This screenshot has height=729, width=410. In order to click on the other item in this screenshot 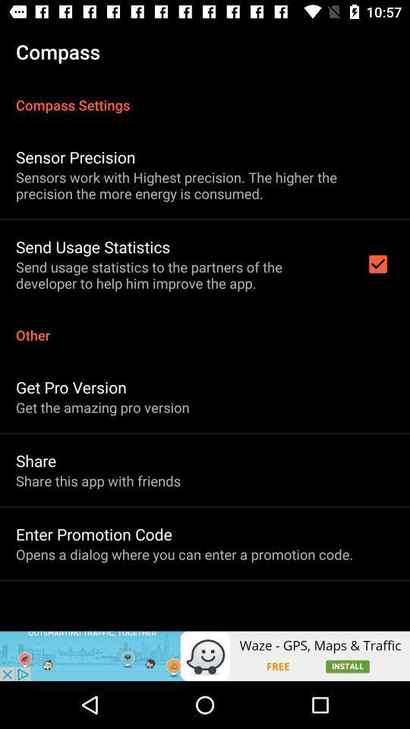, I will do `click(205, 327)`.